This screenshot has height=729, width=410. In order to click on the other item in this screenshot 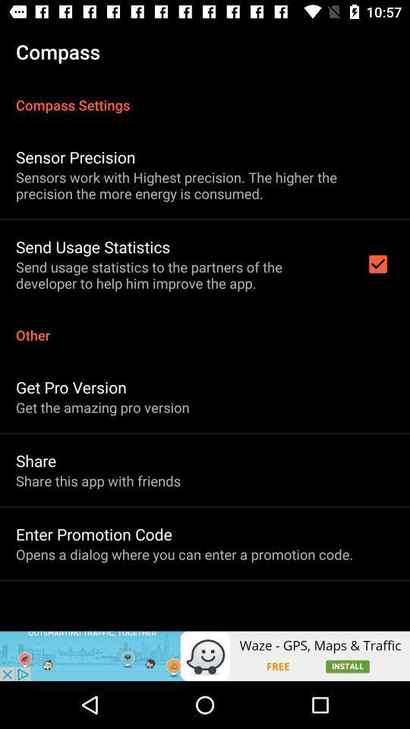, I will do `click(205, 327)`.